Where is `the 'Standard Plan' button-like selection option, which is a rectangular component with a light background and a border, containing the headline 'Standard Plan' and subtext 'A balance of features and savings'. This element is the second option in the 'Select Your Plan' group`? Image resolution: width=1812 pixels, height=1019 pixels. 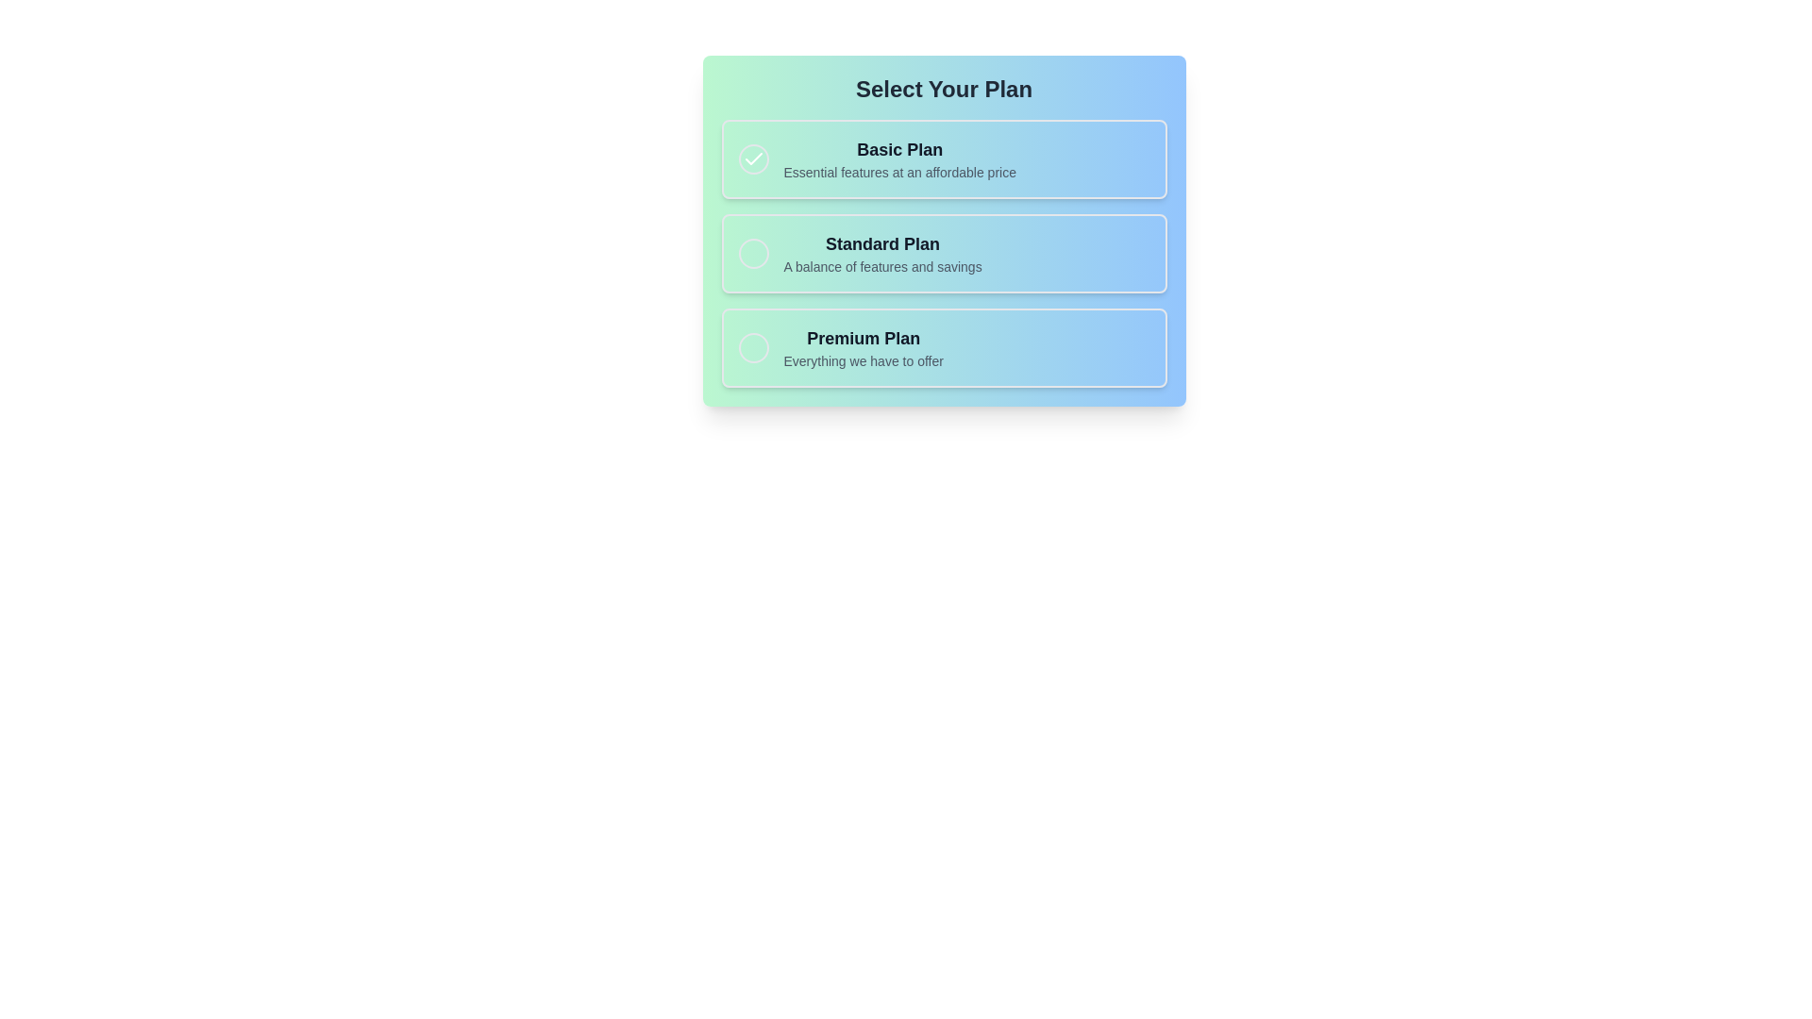 the 'Standard Plan' button-like selection option, which is a rectangular component with a light background and a border, containing the headline 'Standard Plan' and subtext 'A balance of features and savings'. This element is the second option in the 'Select Your Plan' group is located at coordinates (944, 253).